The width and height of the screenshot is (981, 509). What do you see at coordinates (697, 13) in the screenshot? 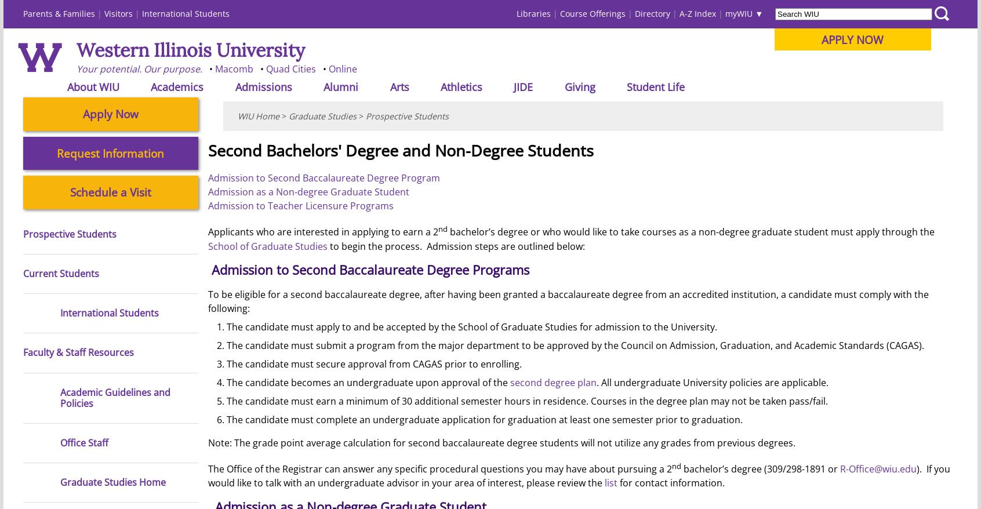
I see `'A-Z Index'` at bounding box center [697, 13].